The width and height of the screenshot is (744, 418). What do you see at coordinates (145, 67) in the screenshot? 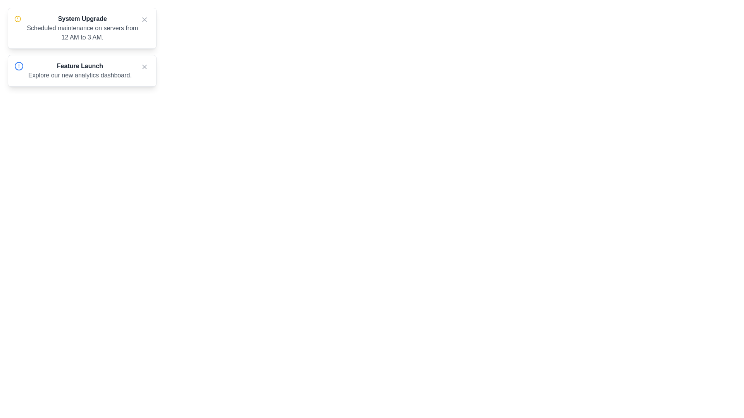
I see `the close button of the notification with title Feature Launch` at bounding box center [145, 67].